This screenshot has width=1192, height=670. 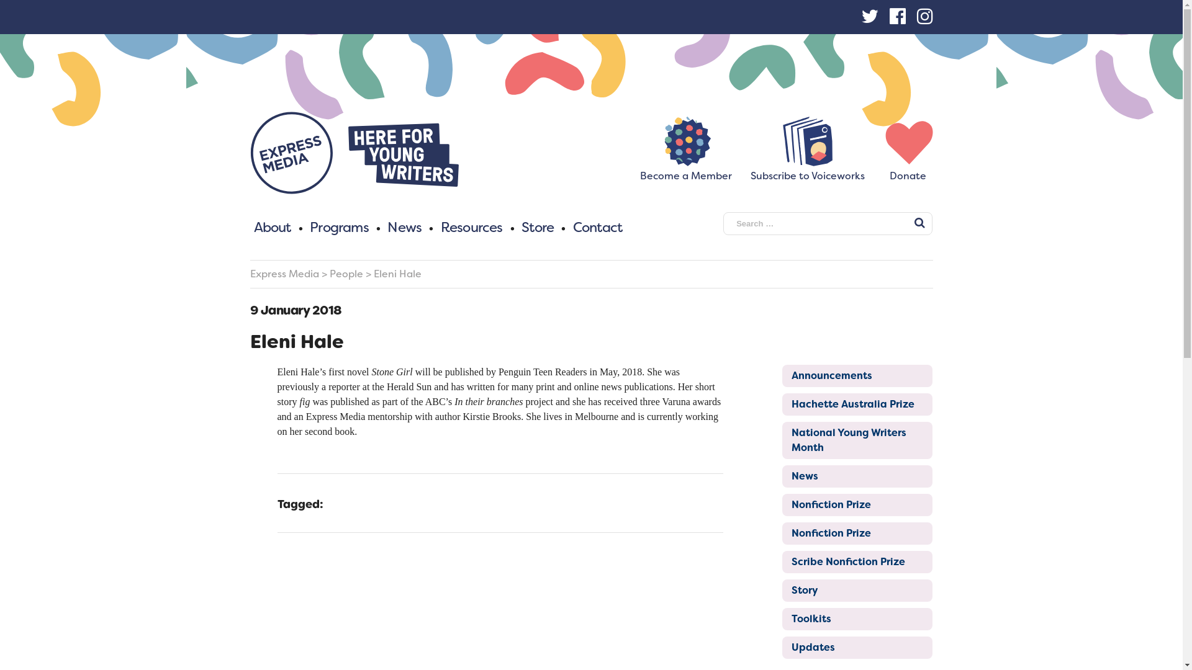 What do you see at coordinates (597, 227) in the screenshot?
I see `'Contact'` at bounding box center [597, 227].